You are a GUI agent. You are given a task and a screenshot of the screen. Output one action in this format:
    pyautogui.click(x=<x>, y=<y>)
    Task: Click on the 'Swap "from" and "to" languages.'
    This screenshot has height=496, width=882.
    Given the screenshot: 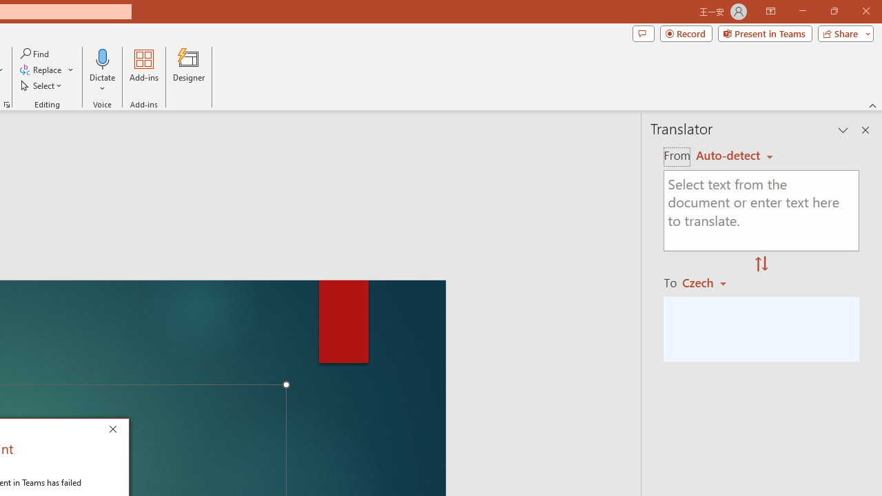 What is the action you would take?
    pyautogui.click(x=761, y=265)
    